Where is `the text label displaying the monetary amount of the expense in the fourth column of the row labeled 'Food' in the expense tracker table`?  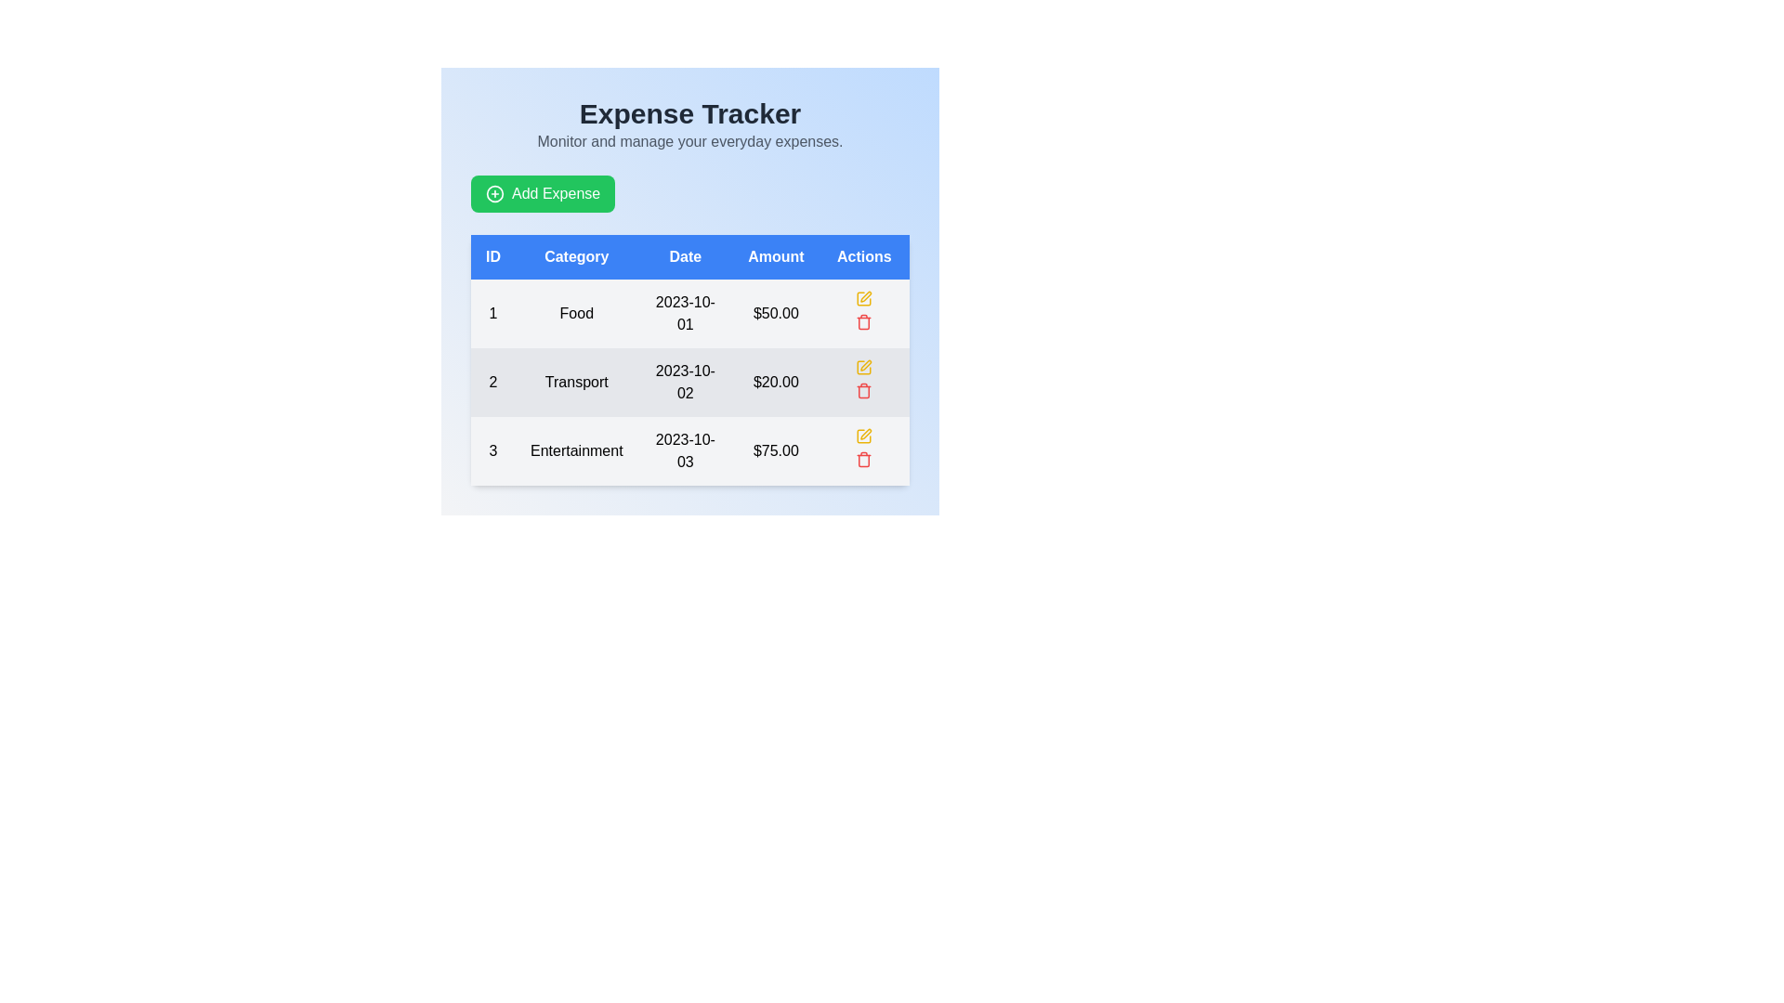
the text label displaying the monetary amount of the expense in the fourth column of the row labeled 'Food' in the expense tracker table is located at coordinates (776, 313).